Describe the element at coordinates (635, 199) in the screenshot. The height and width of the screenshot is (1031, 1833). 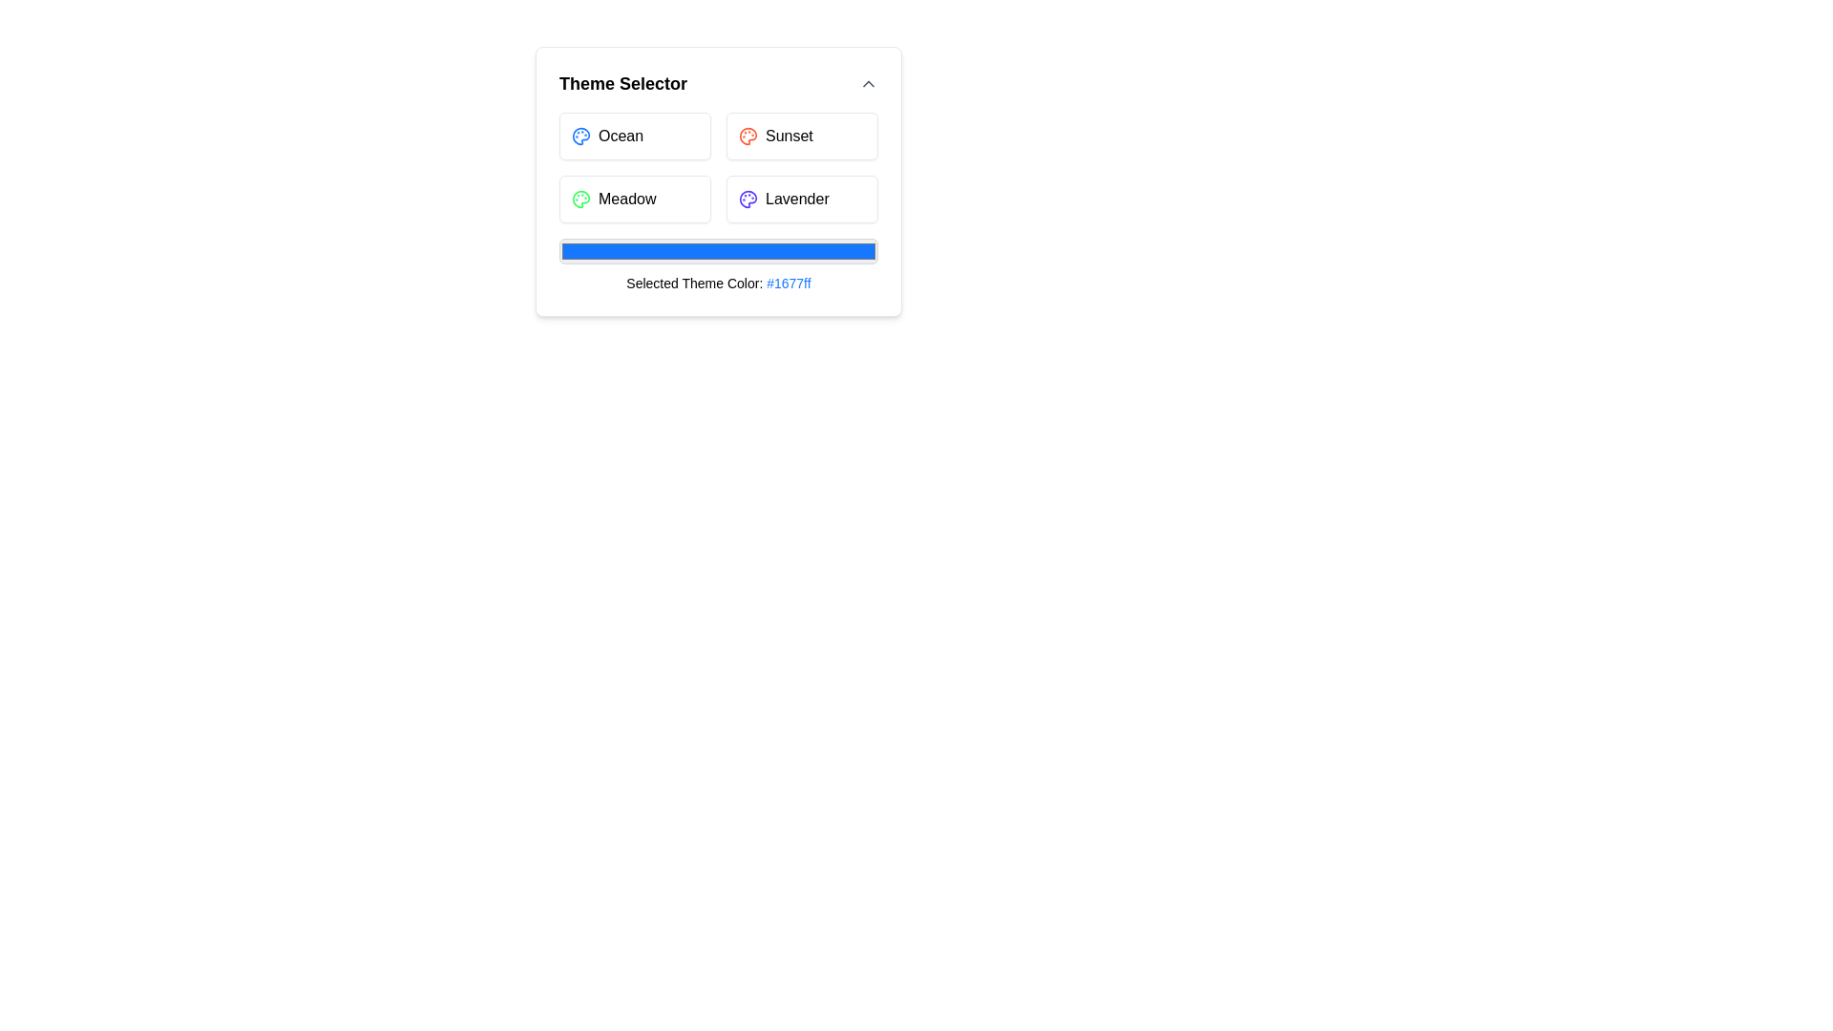
I see `the button that selects the 'Meadow' theme in the theme selector located in the second row and first column of the grid layout` at that location.